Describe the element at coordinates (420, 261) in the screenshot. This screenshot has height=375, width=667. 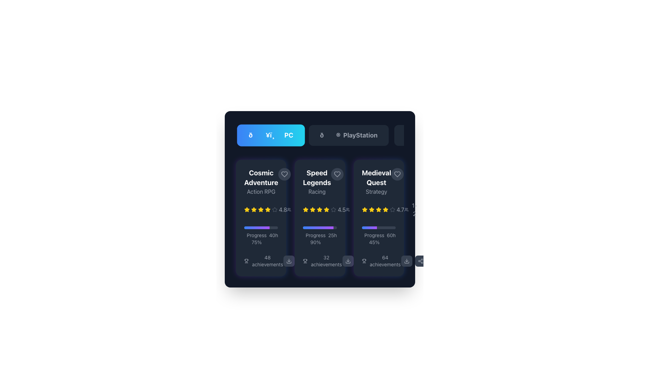
I see `the share icon, which is a graphical representation of three interconnected circles, located in the lower-right corner of the interface within a dark-gray rounded rectangular button` at that location.